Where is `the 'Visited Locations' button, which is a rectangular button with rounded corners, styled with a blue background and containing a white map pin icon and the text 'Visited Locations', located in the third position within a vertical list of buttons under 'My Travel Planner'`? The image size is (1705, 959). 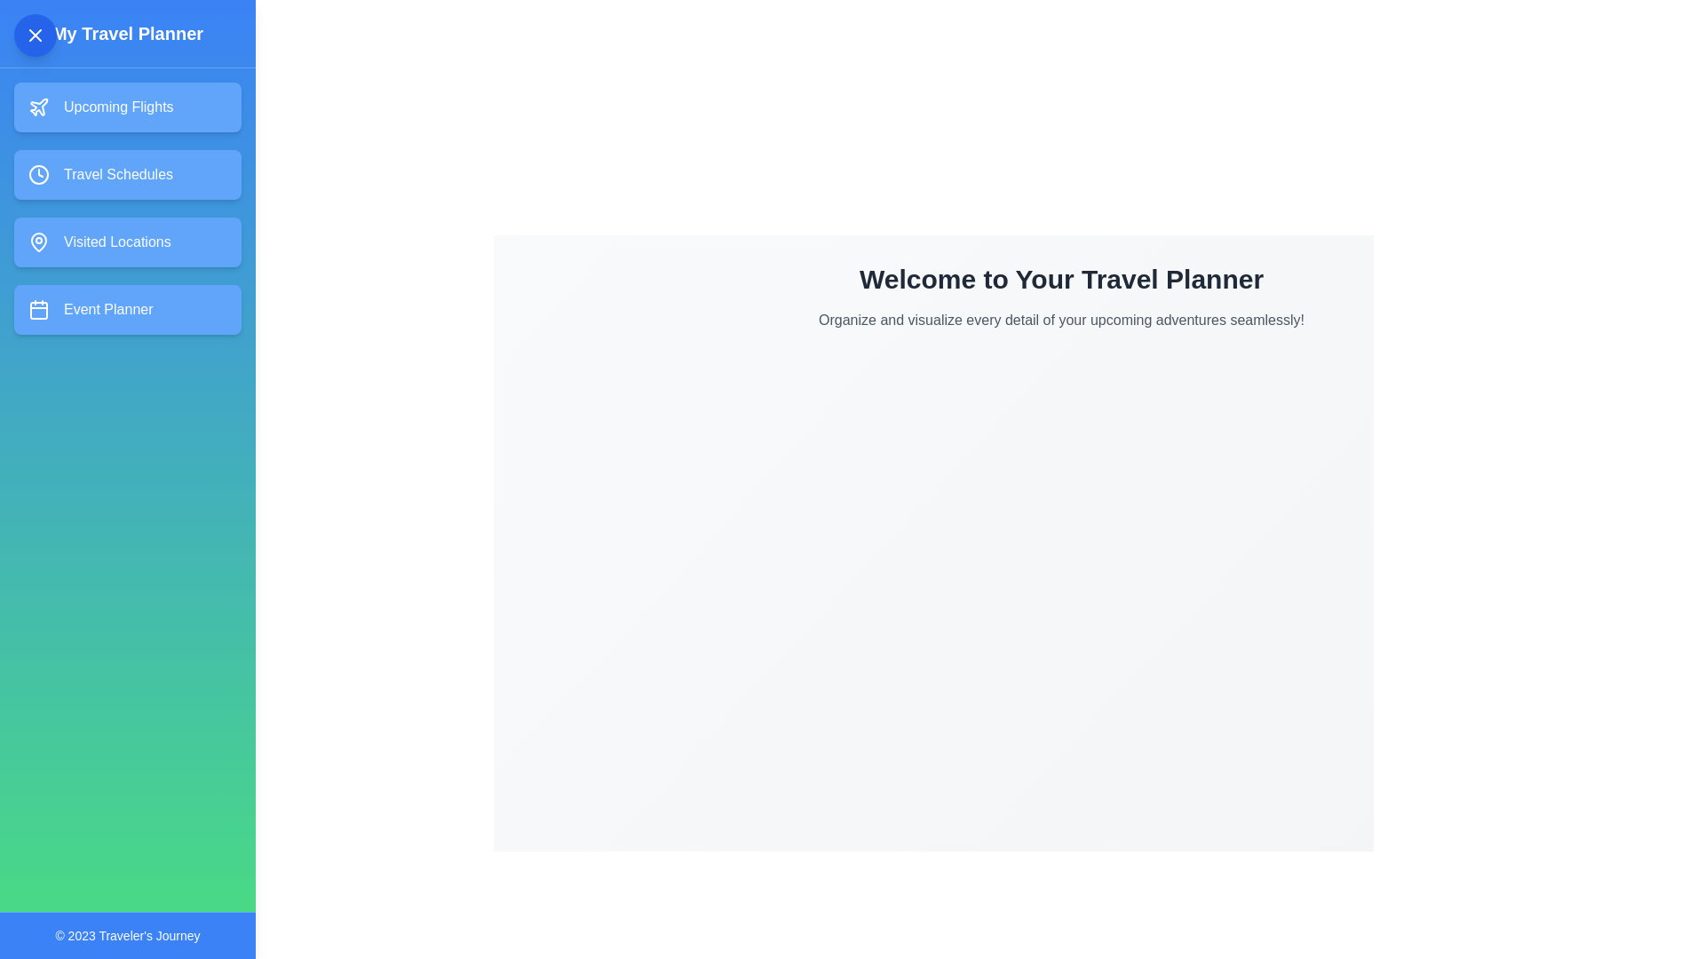 the 'Visited Locations' button, which is a rectangular button with rounded corners, styled with a blue background and containing a white map pin icon and the text 'Visited Locations', located in the third position within a vertical list of buttons under 'My Travel Planner' is located at coordinates (127, 242).